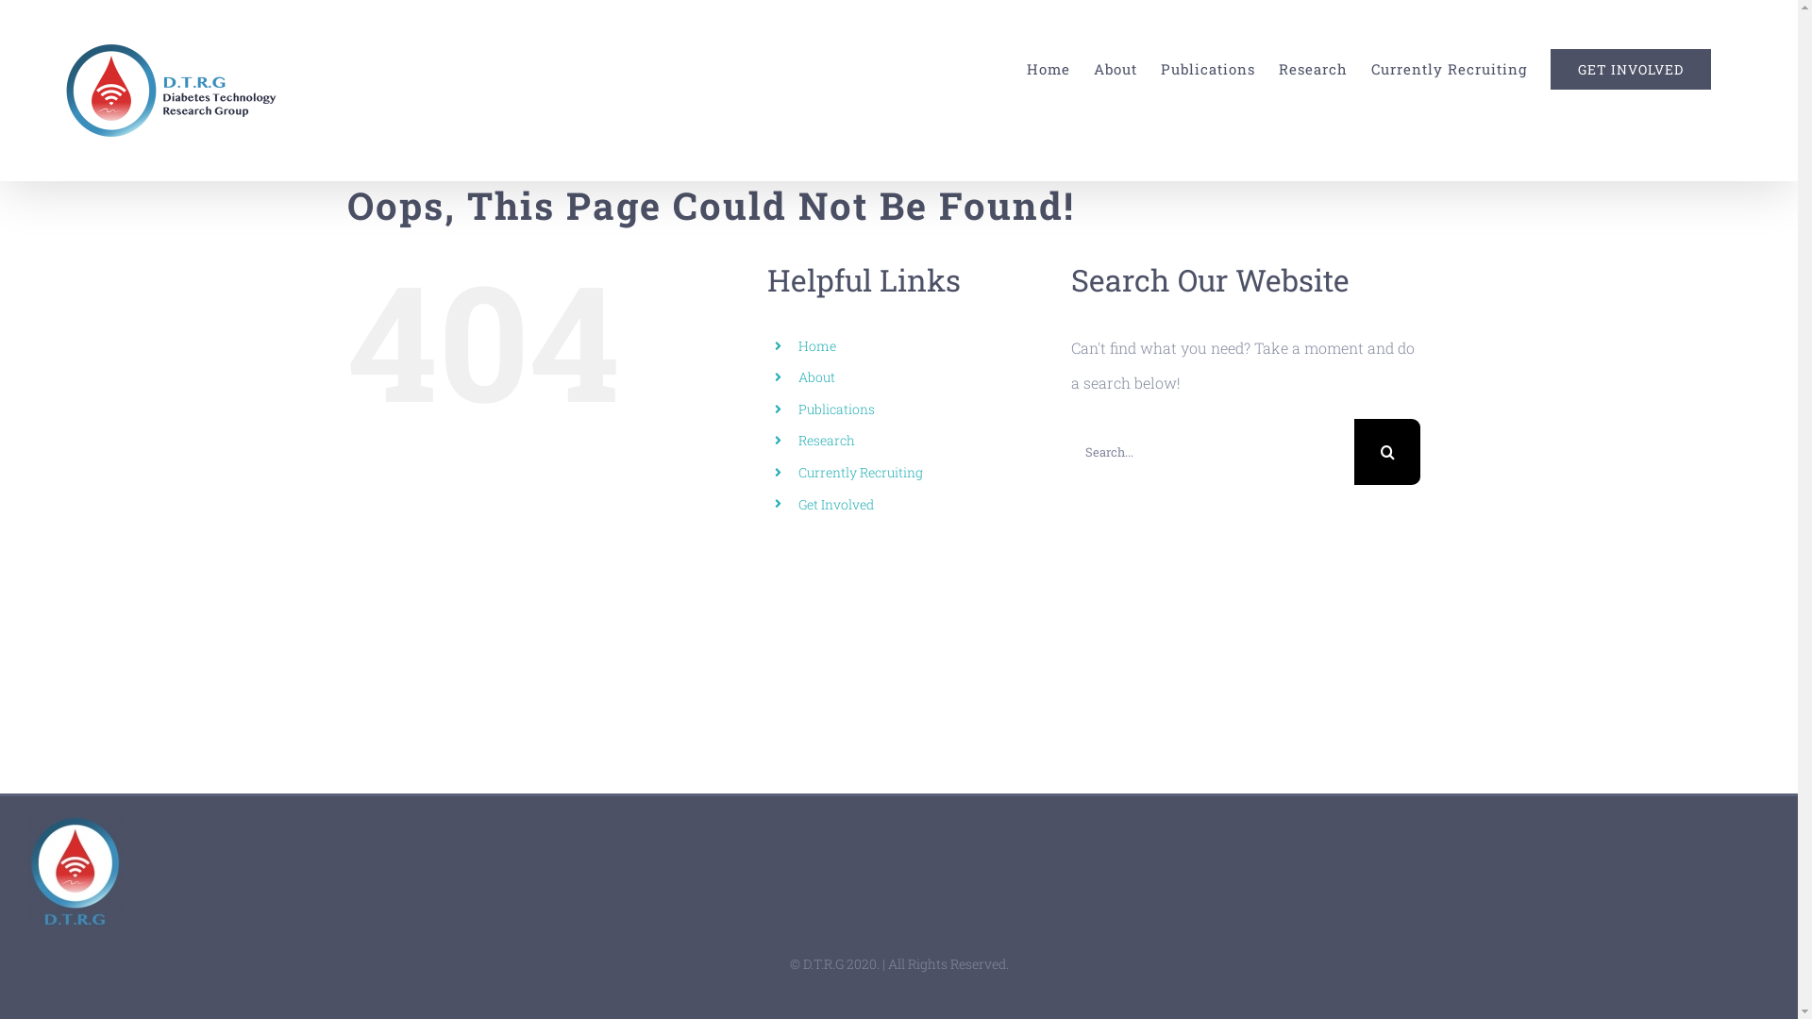  What do you see at coordinates (1630, 68) in the screenshot?
I see `'GET INVOLVED'` at bounding box center [1630, 68].